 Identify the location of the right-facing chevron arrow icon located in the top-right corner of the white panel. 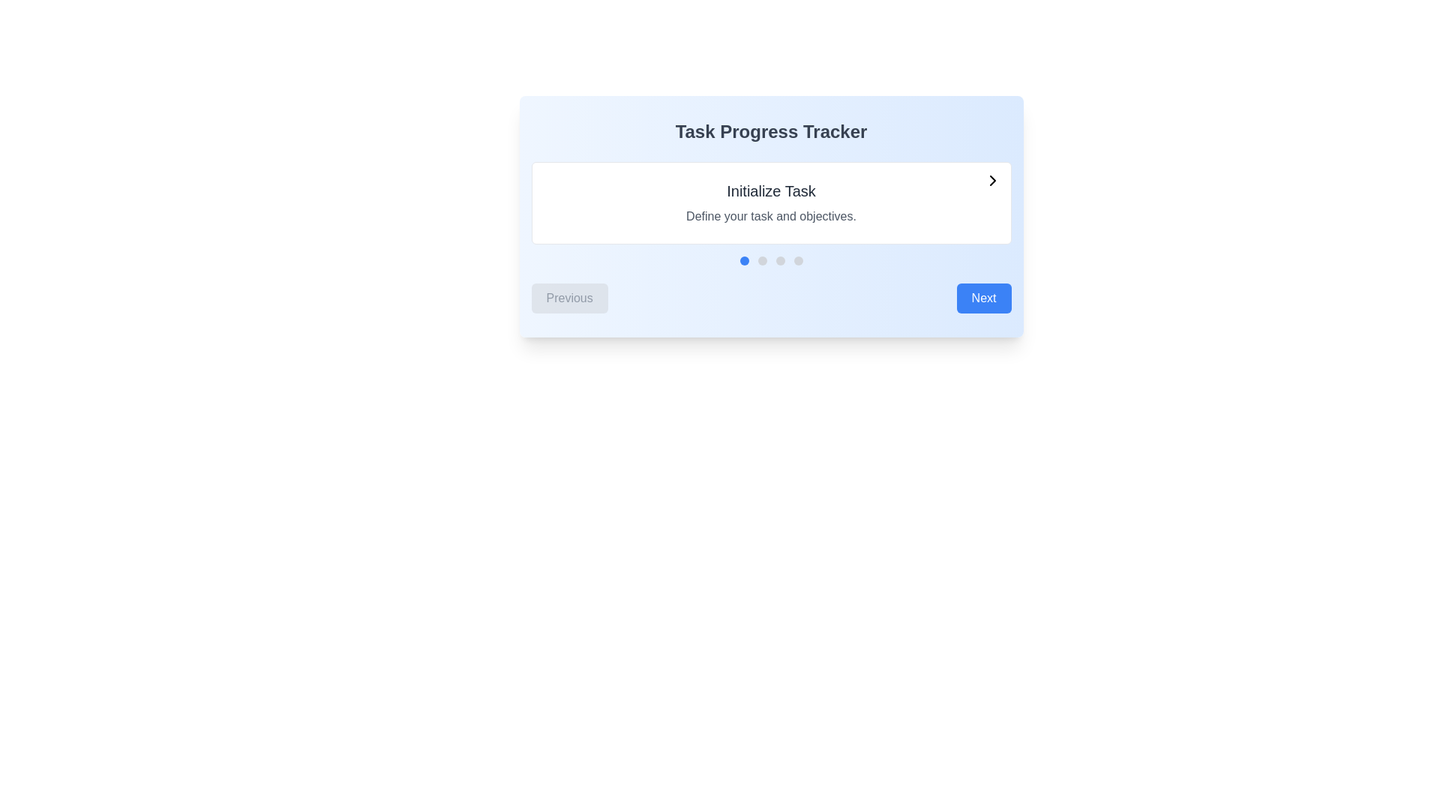
(992, 179).